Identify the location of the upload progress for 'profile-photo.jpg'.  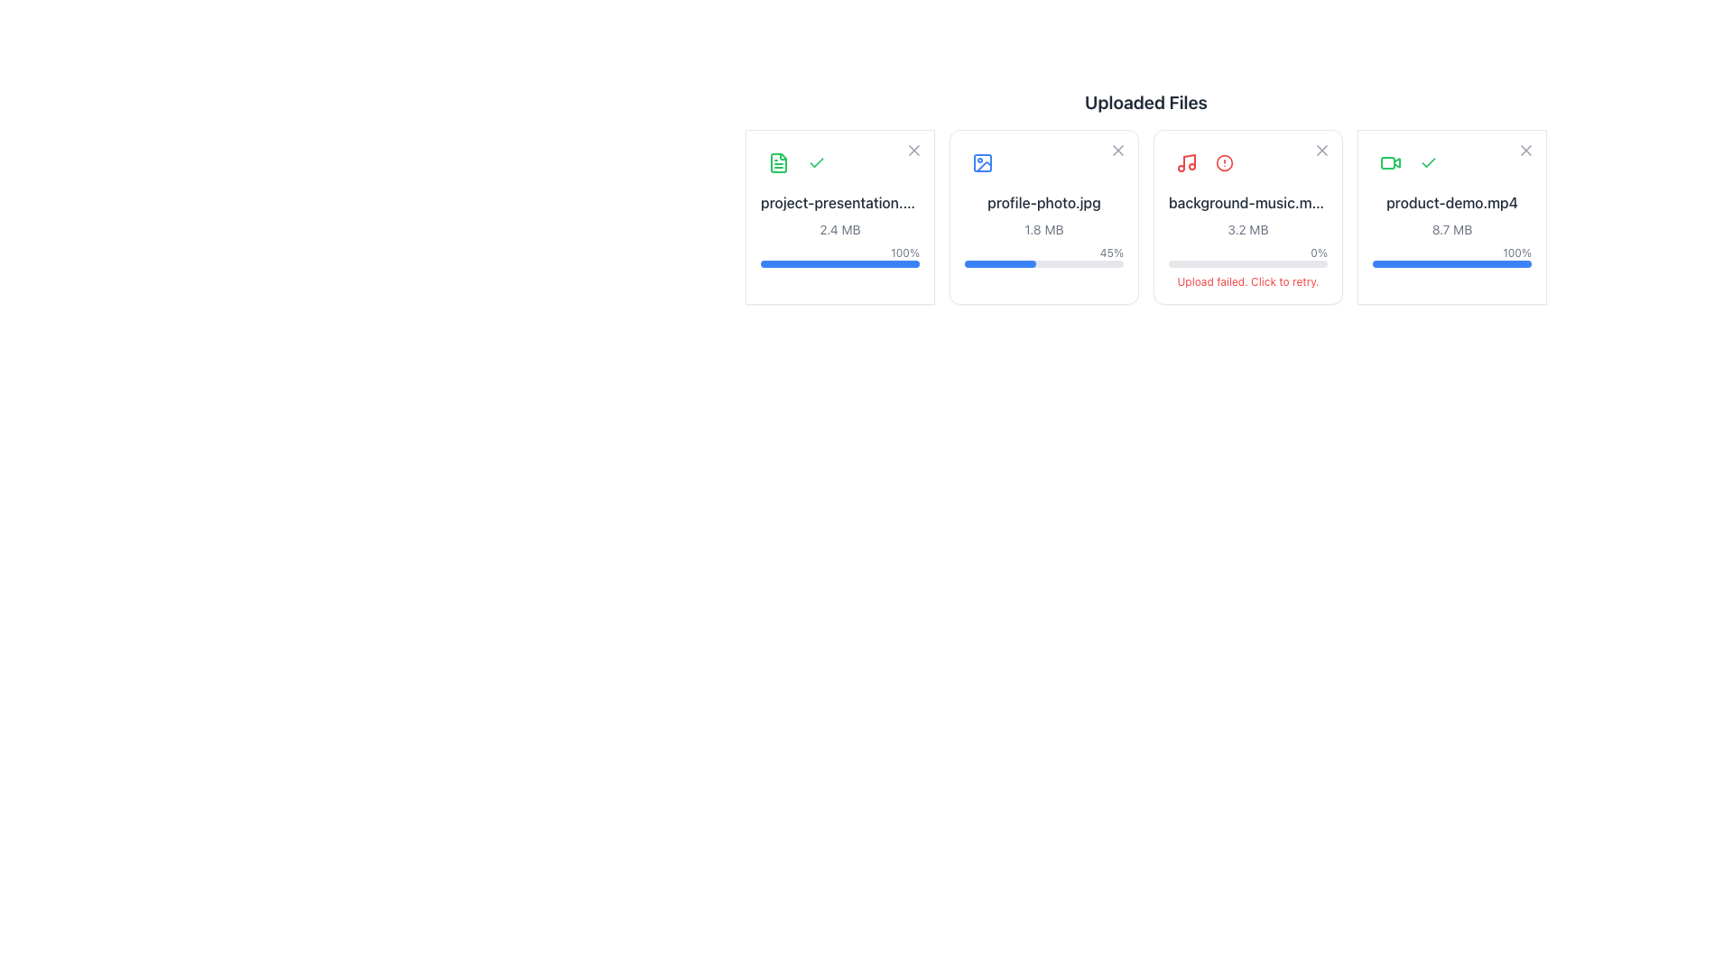
(1089, 264).